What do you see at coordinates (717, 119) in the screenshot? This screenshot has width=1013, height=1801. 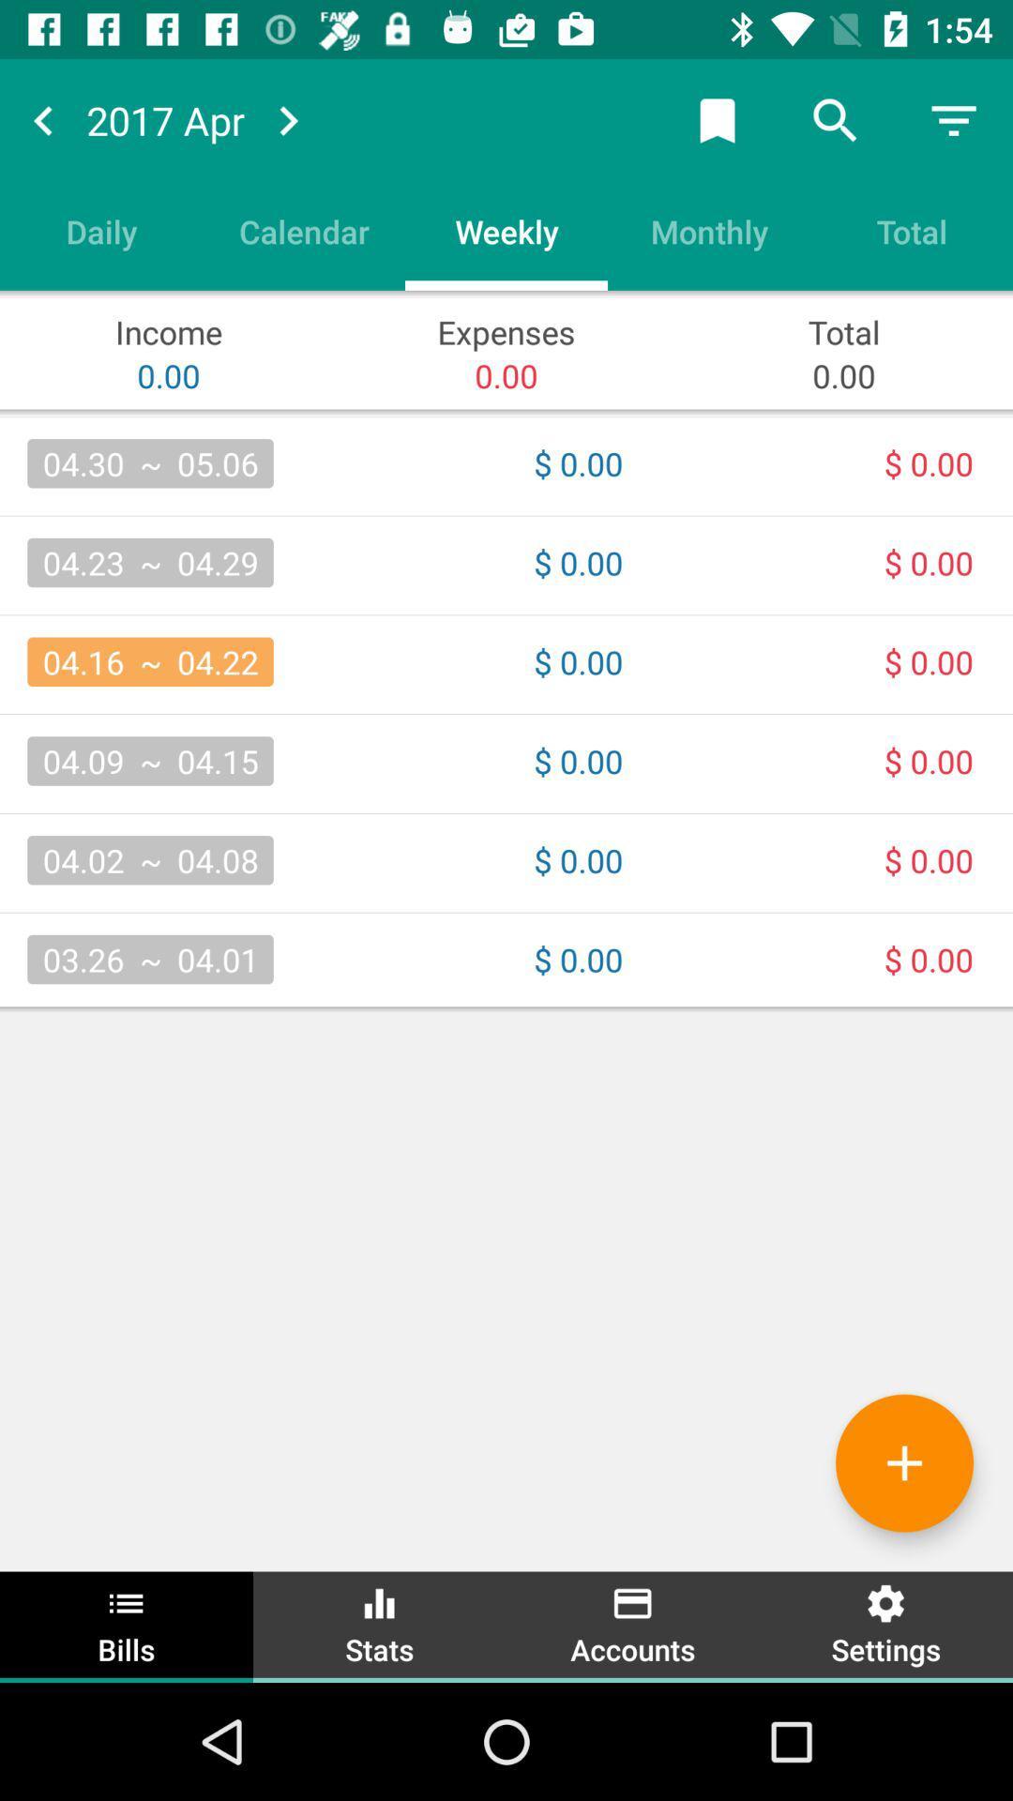 I see `bookmark the item` at bounding box center [717, 119].